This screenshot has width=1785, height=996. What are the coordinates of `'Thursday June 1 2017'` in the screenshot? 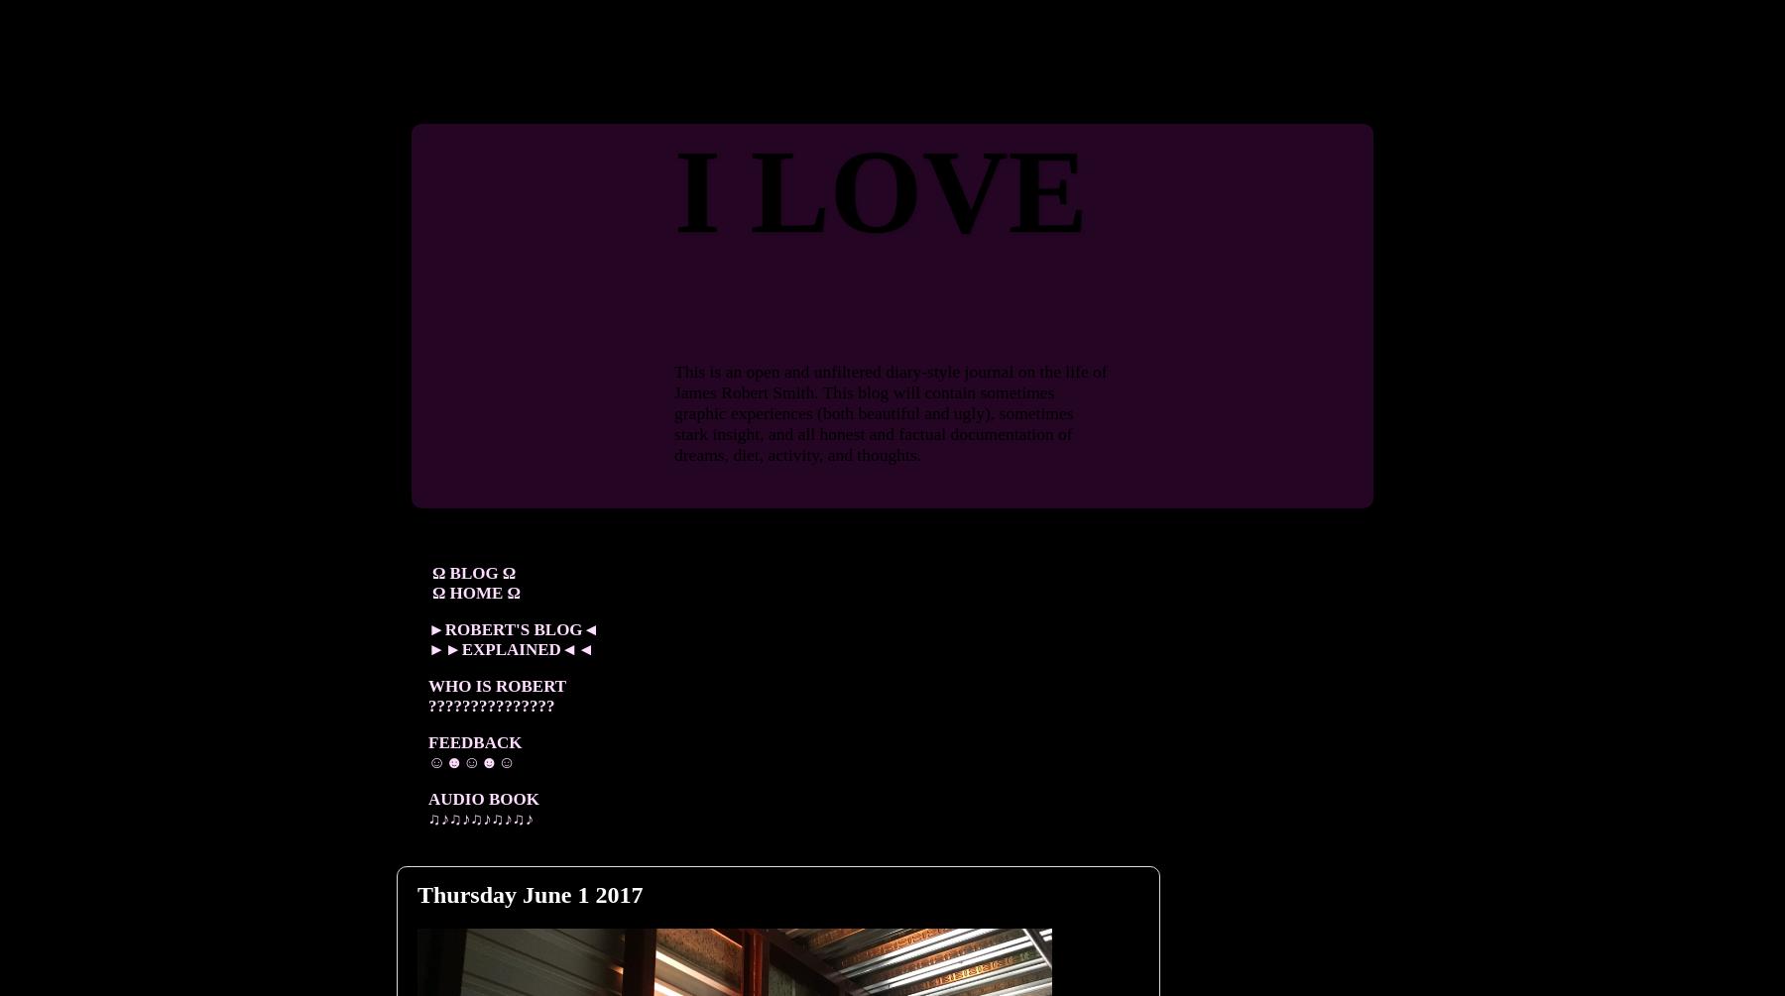 It's located at (529, 892).